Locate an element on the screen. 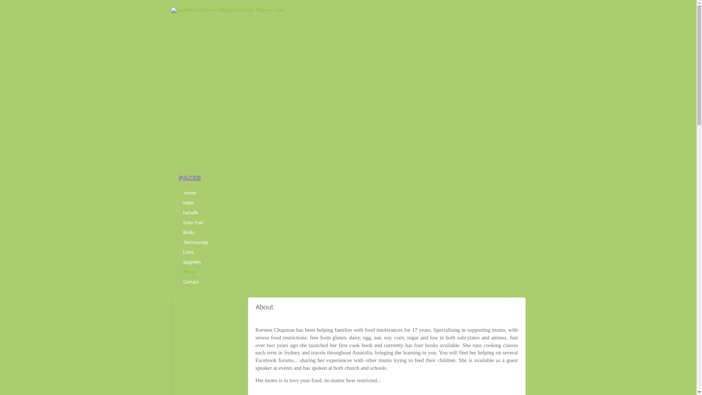 The image size is (702, 395). 'About' is located at coordinates (178, 272).